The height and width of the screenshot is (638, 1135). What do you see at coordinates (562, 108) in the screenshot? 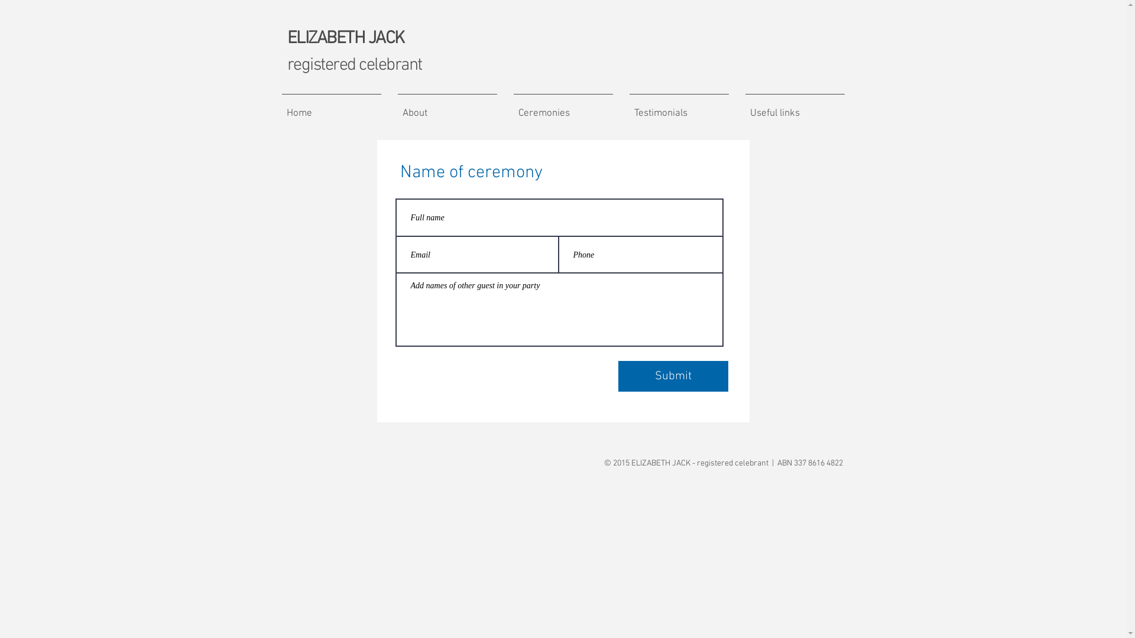
I see `'Ceremonies'` at bounding box center [562, 108].